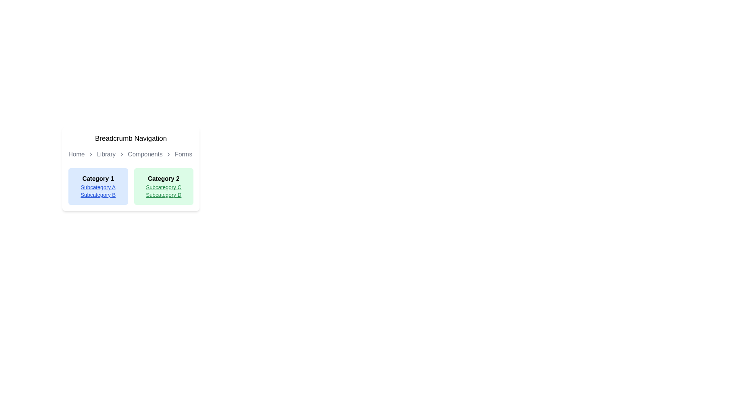 The height and width of the screenshot is (412, 734). What do you see at coordinates (91, 154) in the screenshot?
I see `the 'chevron right' SVG icon in the breadcrumb navigation, which visually separates 'Home' and 'Library' text elements` at bounding box center [91, 154].